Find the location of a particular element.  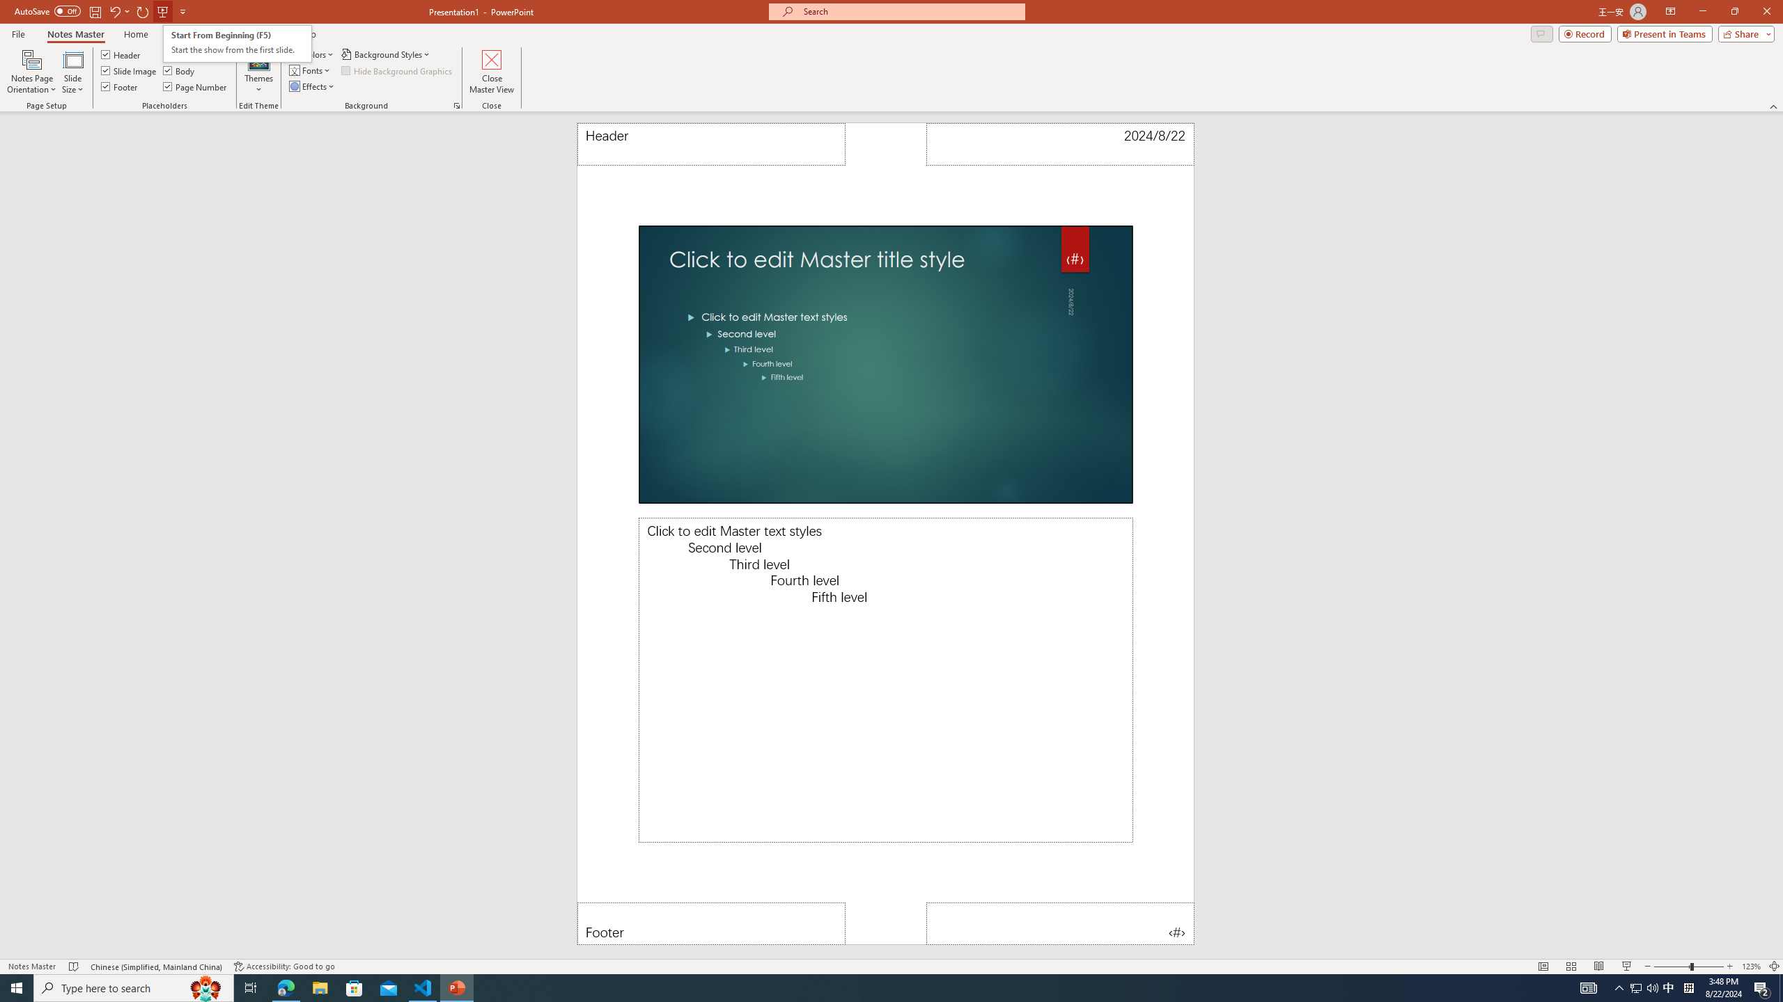

'Slide Image' is located at coordinates (128, 69).